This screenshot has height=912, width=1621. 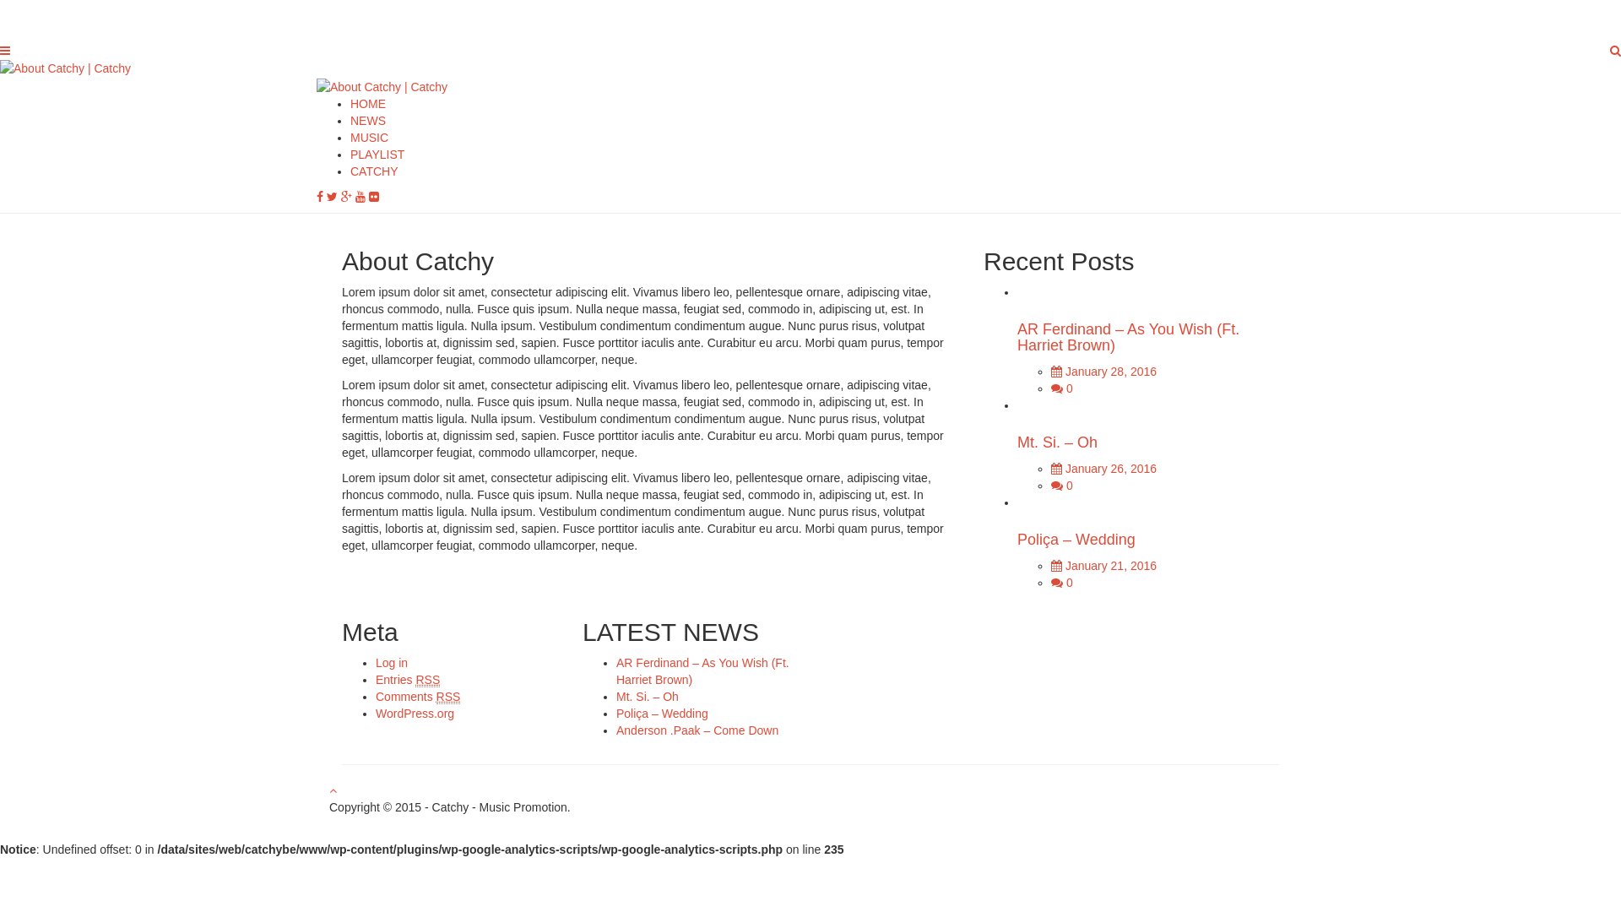 What do you see at coordinates (1103, 566) in the screenshot?
I see `'January 21, 2016'` at bounding box center [1103, 566].